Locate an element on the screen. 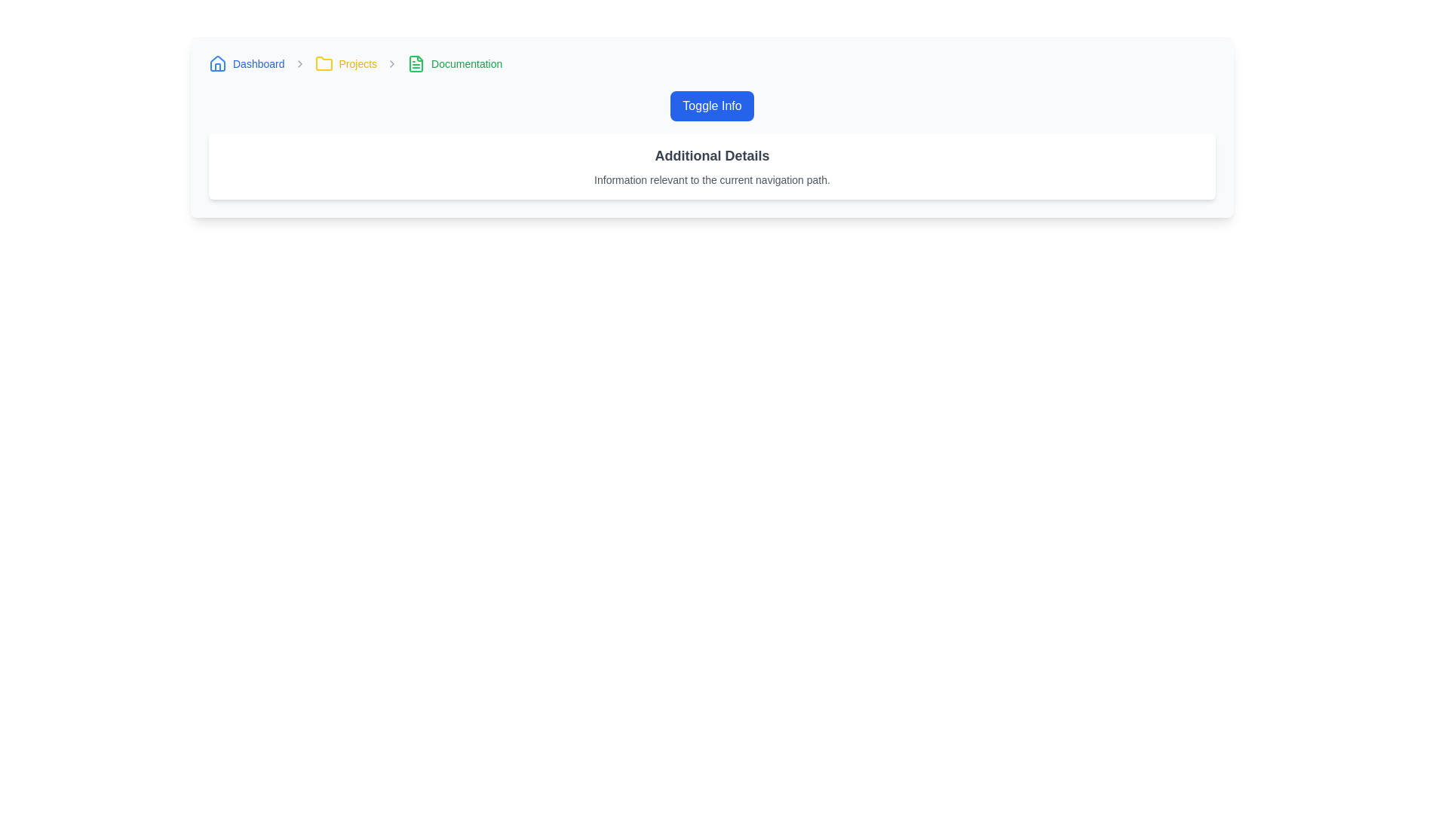 This screenshot has width=1448, height=814. the 'Dashboard' hyperlink, which is styled in blue with an underline that appears on hover, located in the breadcrumb navigation bar at the top-center of the interface is located at coordinates (259, 63).